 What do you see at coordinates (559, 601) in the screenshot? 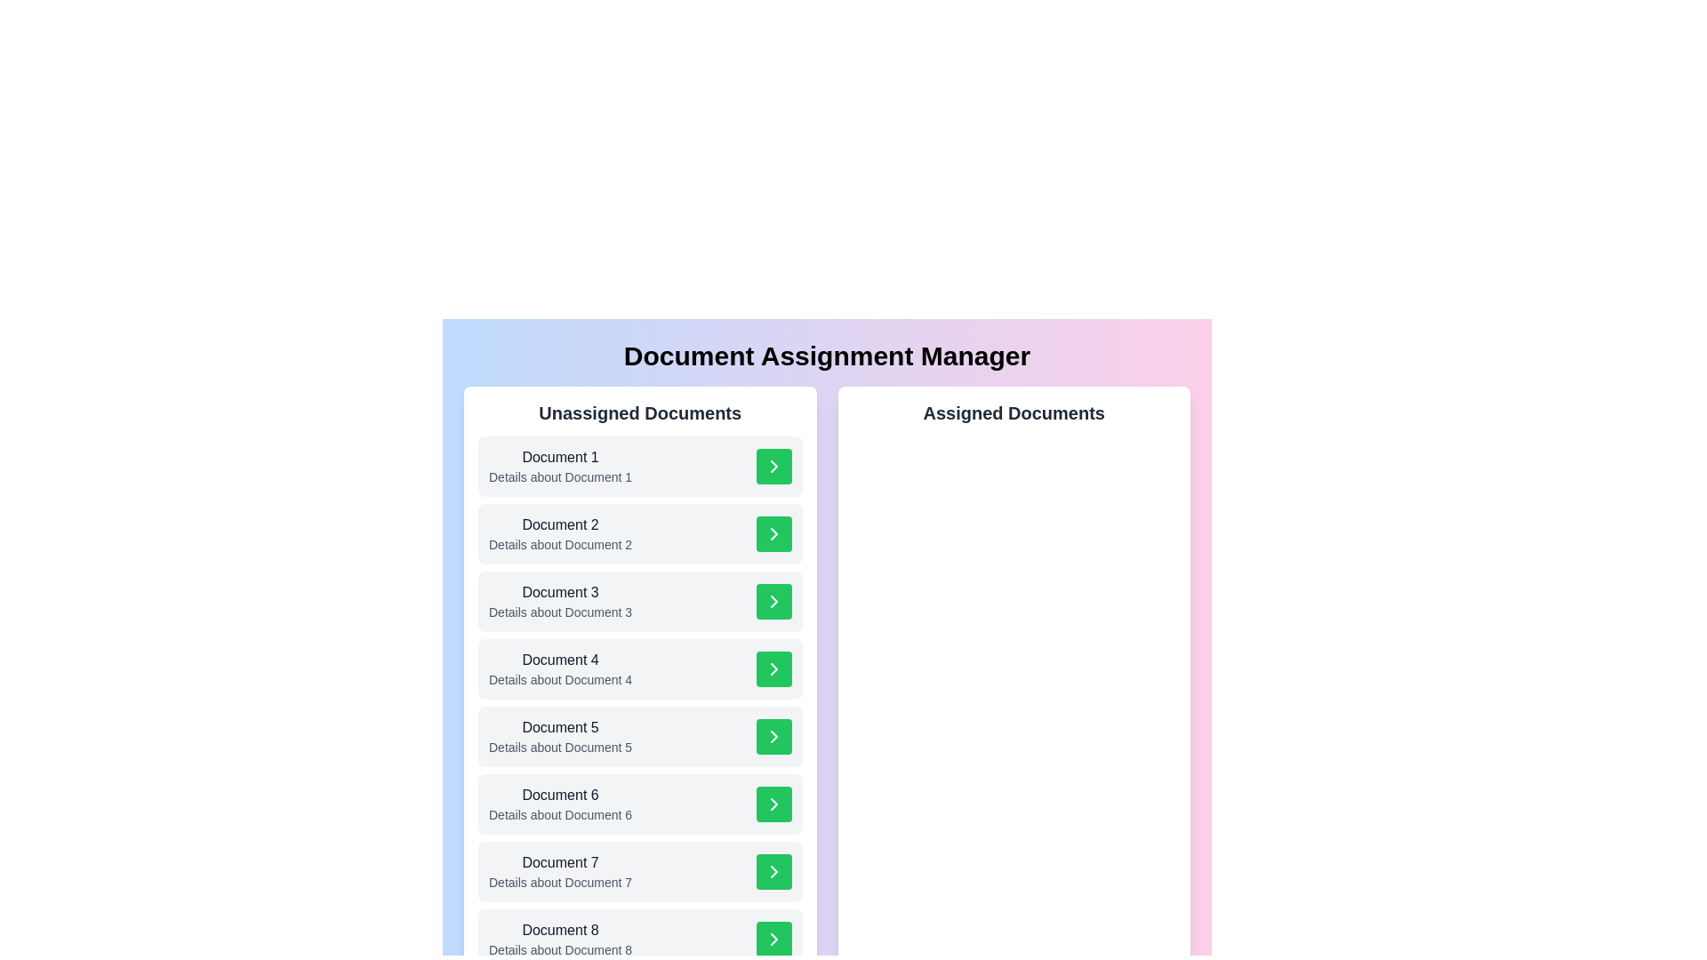
I see `the text display area that shows the document's title and brief details, located in the left panel titled 'Unassigned Documents' under 'Document Assignment Manager'. This element is positioned third from the top in a vertically stacked list` at bounding box center [559, 601].